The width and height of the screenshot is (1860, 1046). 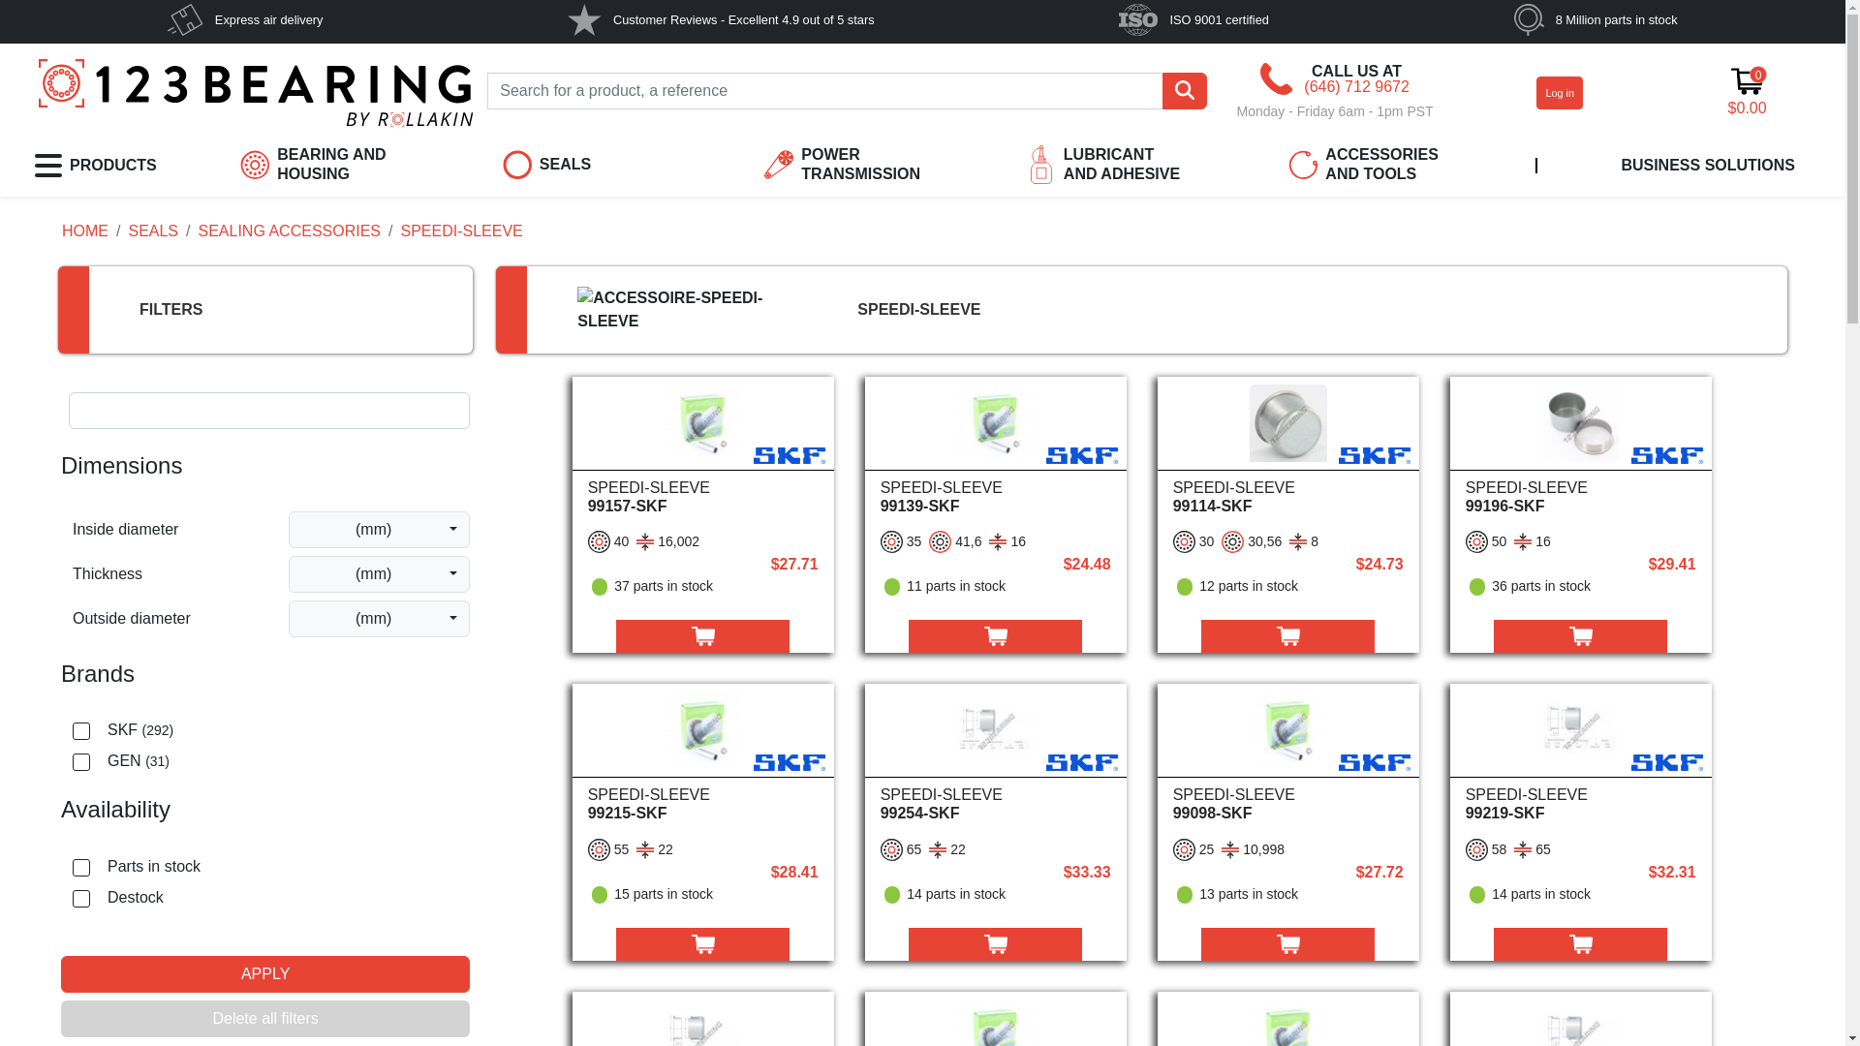 I want to click on 'BEARING AND HOUSING', so click(x=321, y=164).